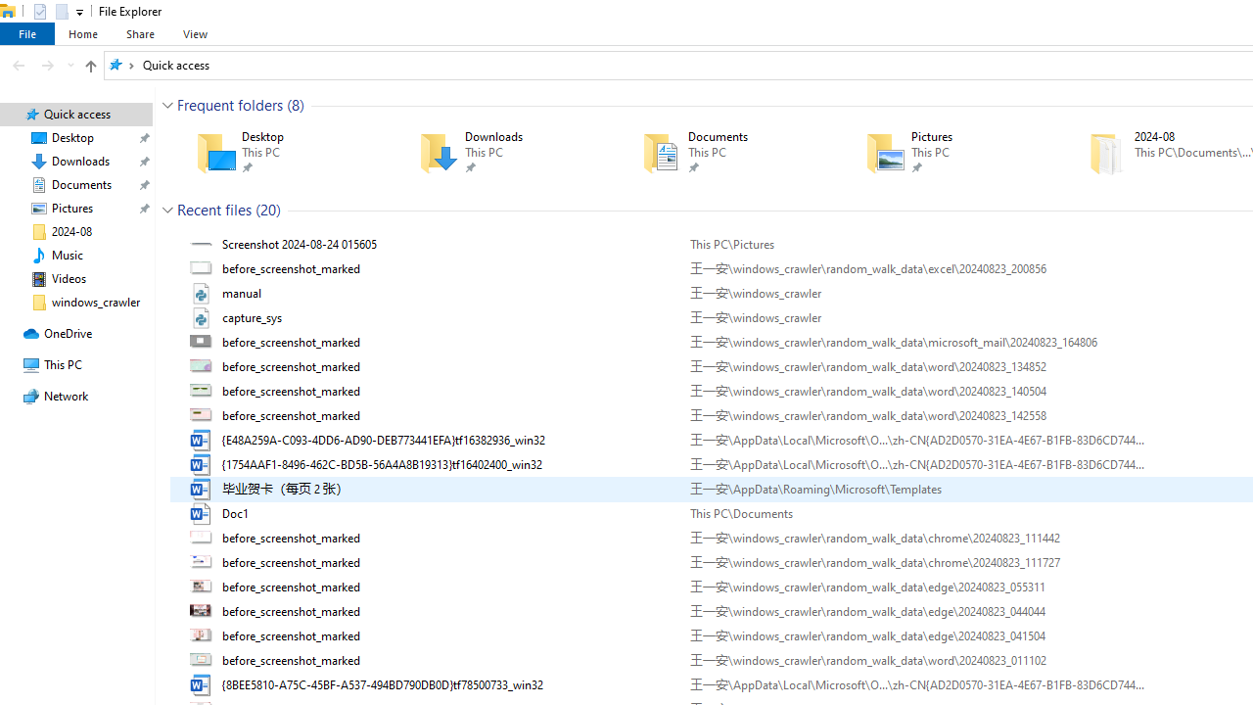  What do you see at coordinates (279, 152) in the screenshot?
I see `'Desktop'` at bounding box center [279, 152].